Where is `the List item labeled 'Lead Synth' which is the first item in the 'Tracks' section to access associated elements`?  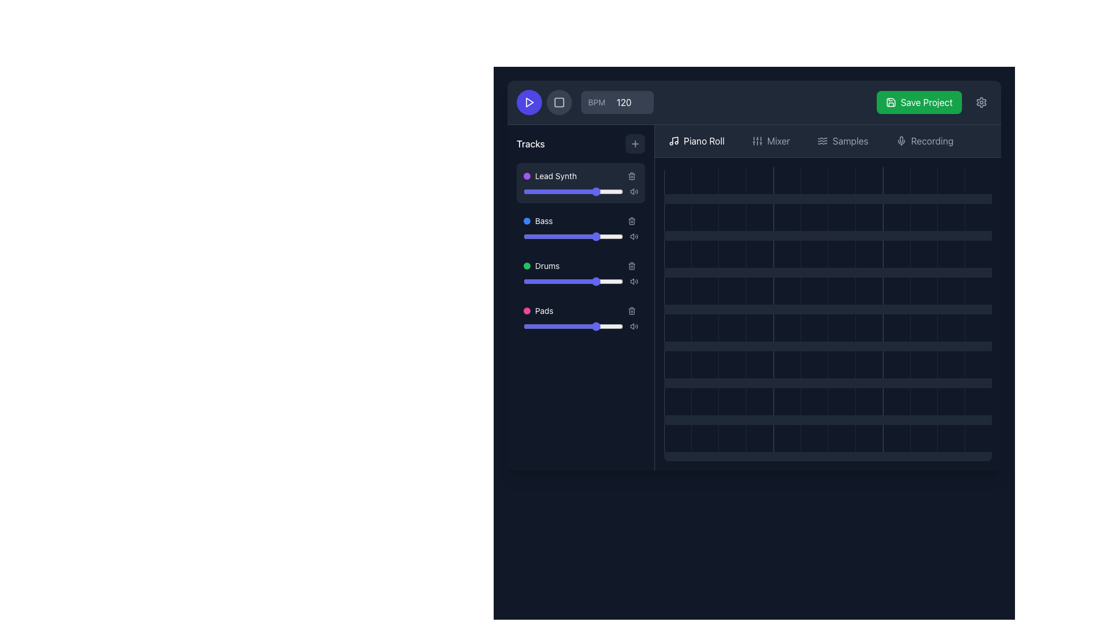 the List item labeled 'Lead Synth' which is the first item in the 'Tracks' section to access associated elements is located at coordinates (550, 176).